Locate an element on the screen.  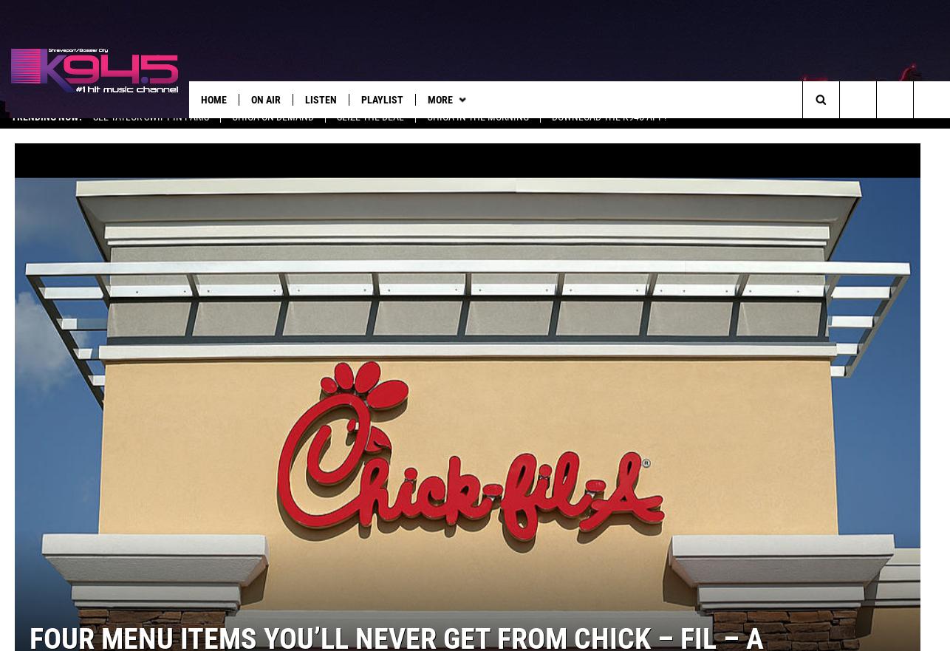
'Chica in the Morning' is located at coordinates (477, 130).